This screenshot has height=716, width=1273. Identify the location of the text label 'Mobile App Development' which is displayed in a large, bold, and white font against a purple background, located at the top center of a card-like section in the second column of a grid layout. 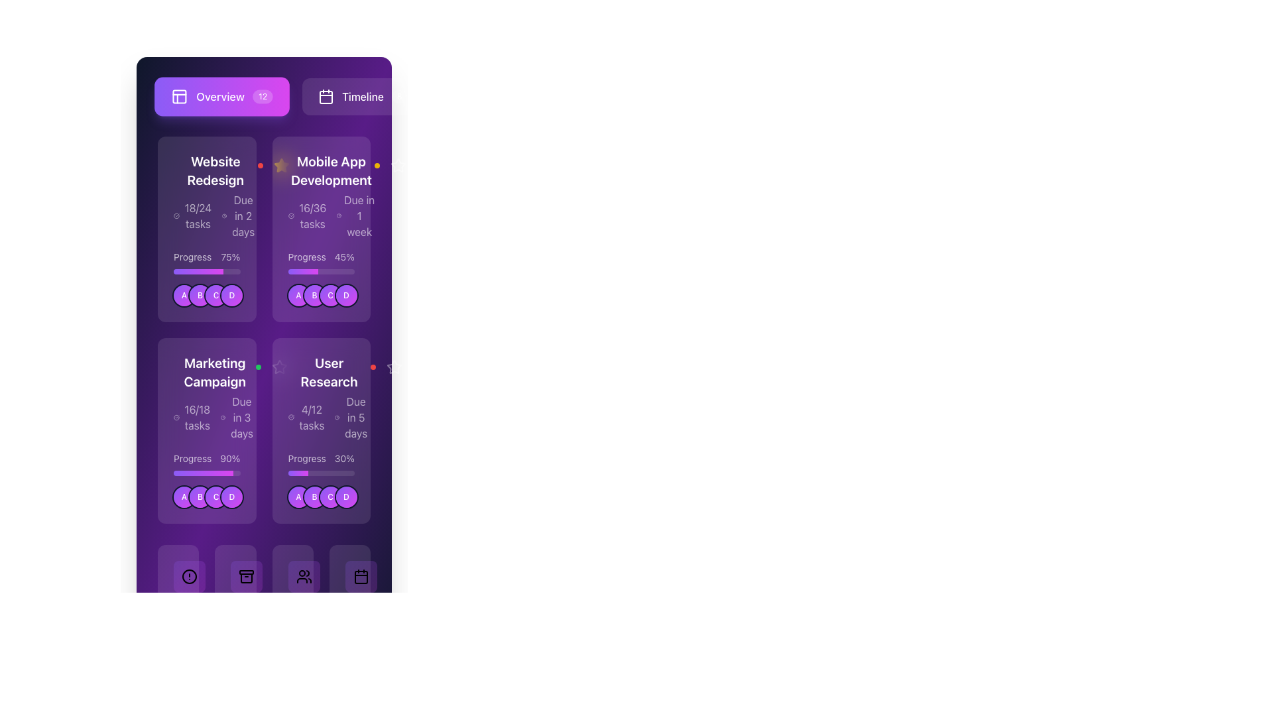
(331, 170).